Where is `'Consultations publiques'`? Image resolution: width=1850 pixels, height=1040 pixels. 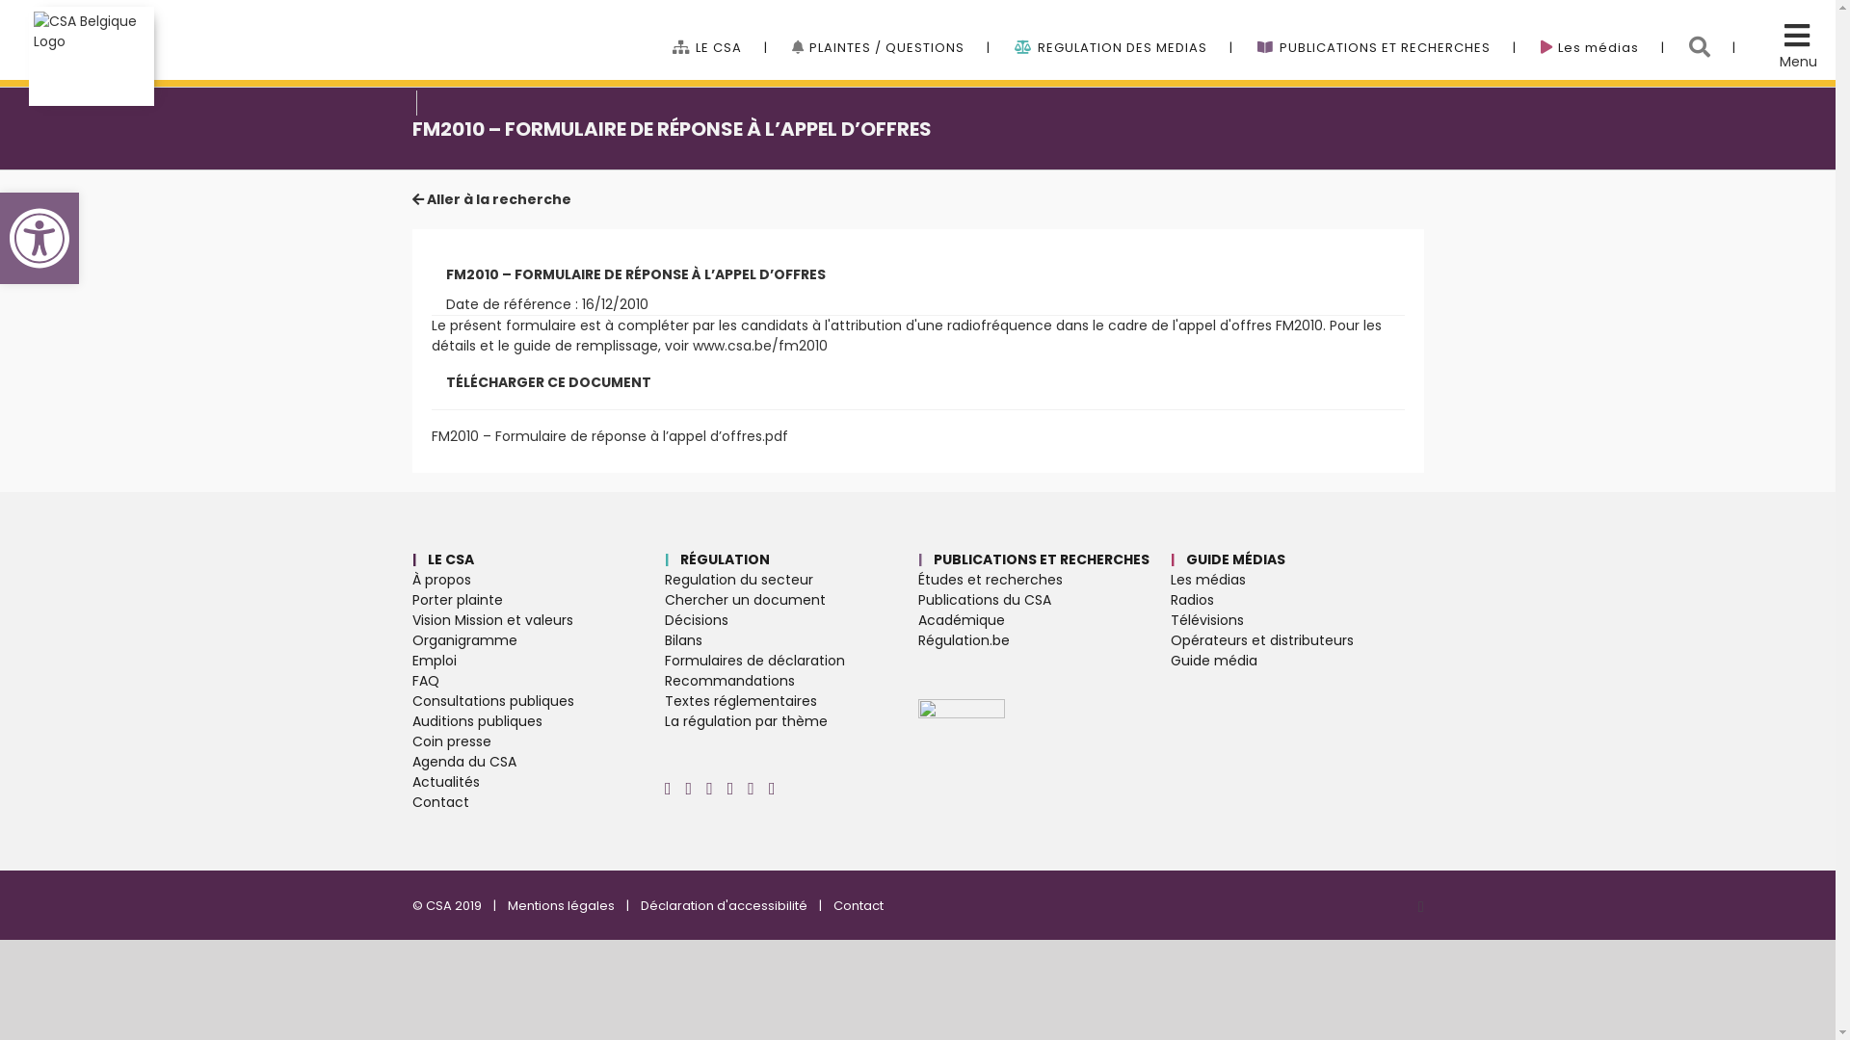
'Consultations publiques' is located at coordinates (410, 701).